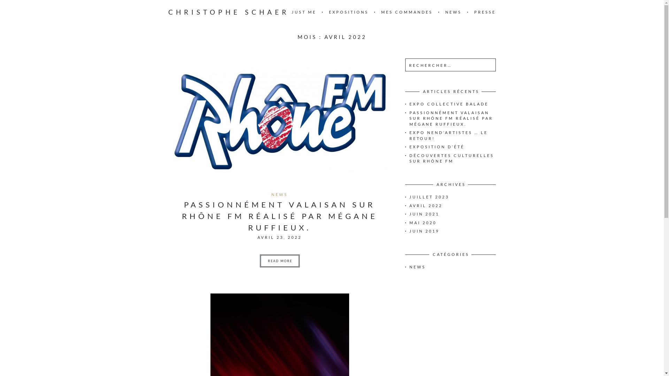 The width and height of the screenshot is (669, 376). Describe the element at coordinates (228, 12) in the screenshot. I see `'CHRISTOPHE SCHAER'` at that location.